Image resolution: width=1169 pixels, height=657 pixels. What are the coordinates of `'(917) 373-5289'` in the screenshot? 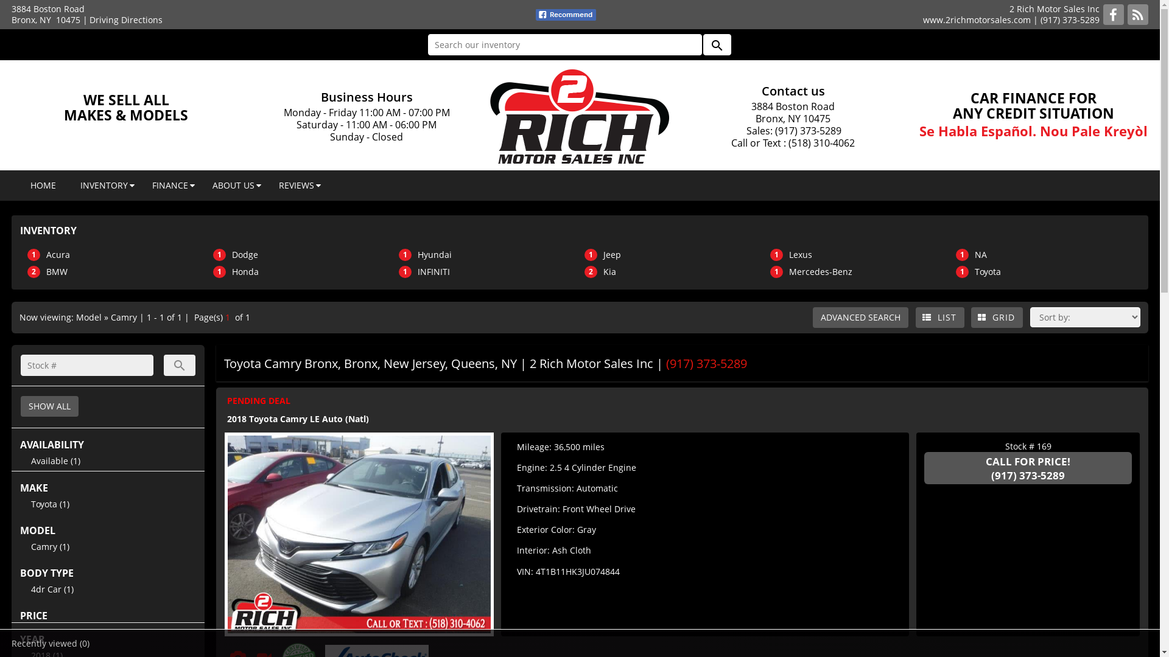 It's located at (1069, 19).